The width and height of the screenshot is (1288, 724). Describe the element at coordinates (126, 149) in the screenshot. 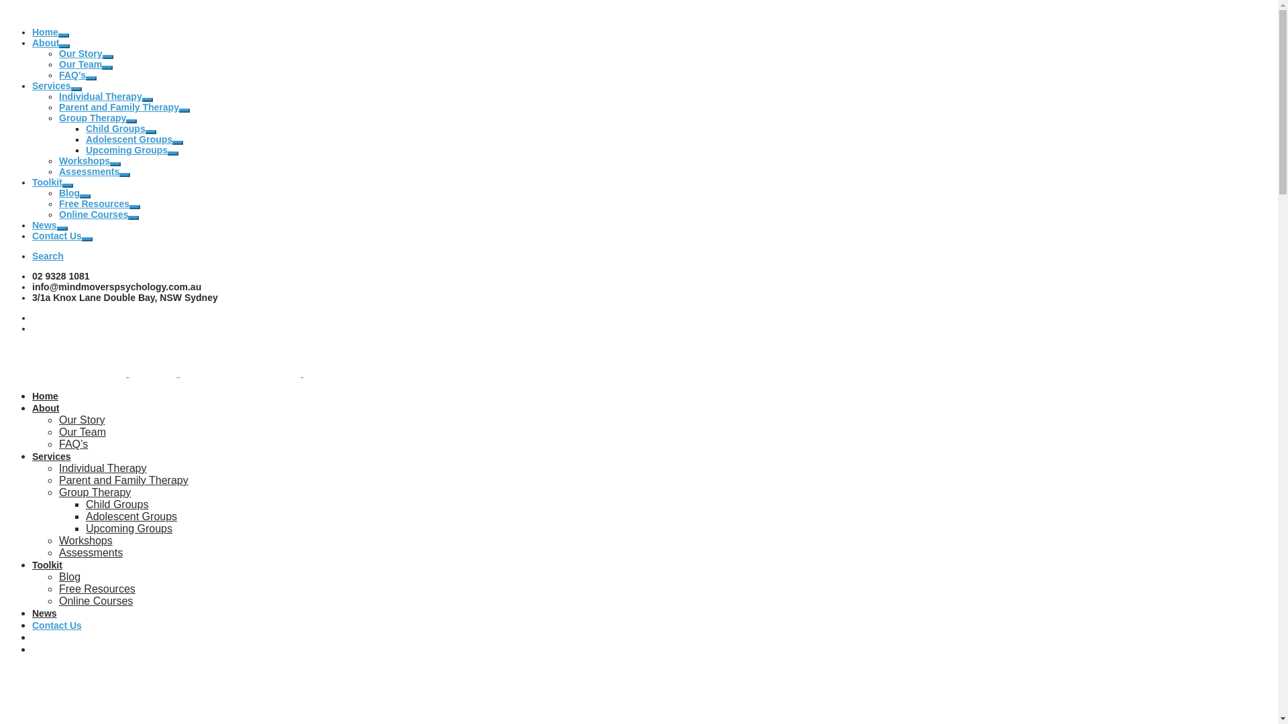

I see `'Upcoming Groups'` at that location.